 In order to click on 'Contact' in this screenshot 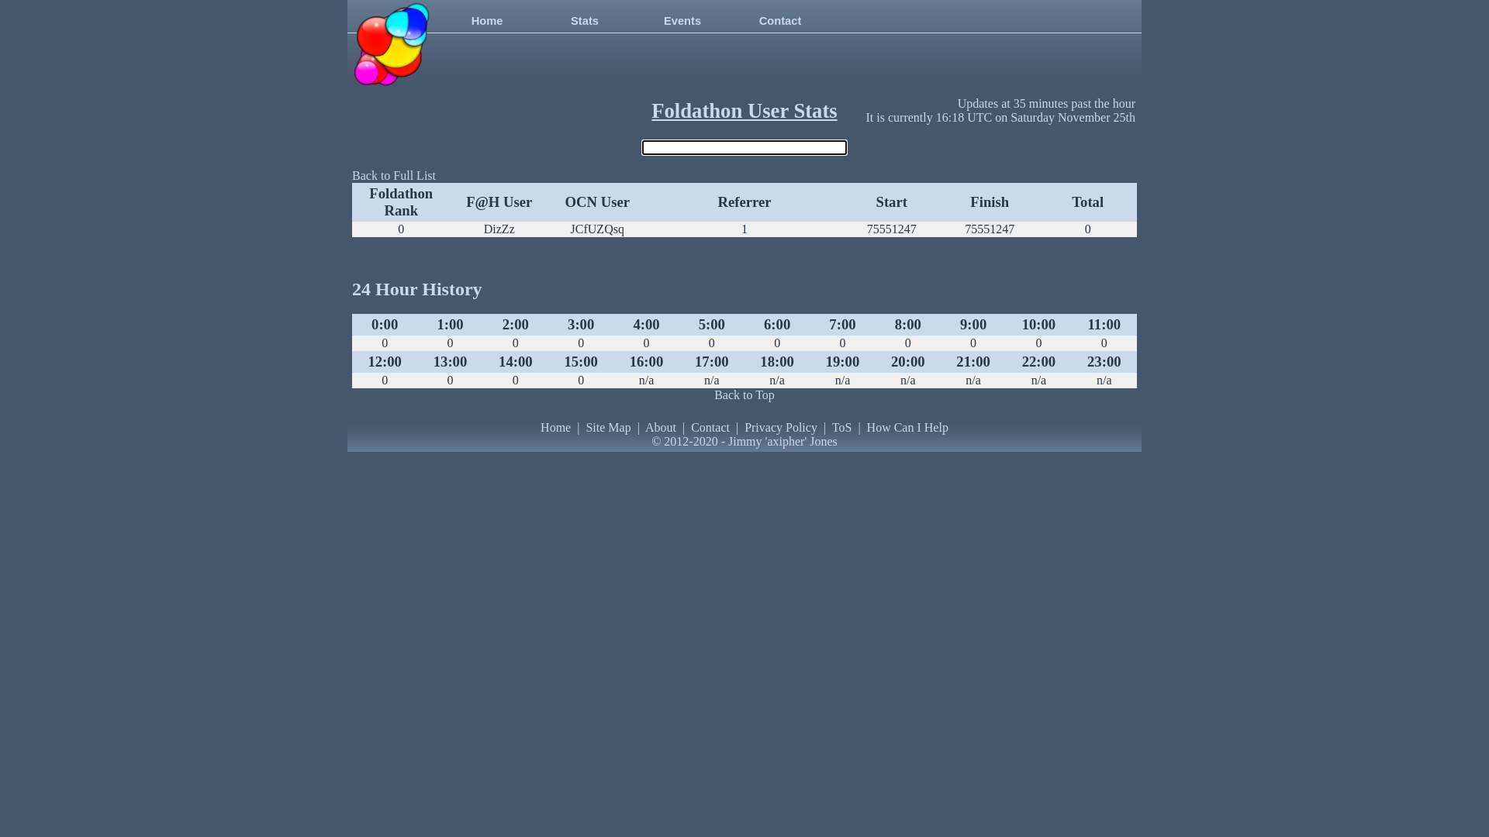, I will do `click(710, 427)`.